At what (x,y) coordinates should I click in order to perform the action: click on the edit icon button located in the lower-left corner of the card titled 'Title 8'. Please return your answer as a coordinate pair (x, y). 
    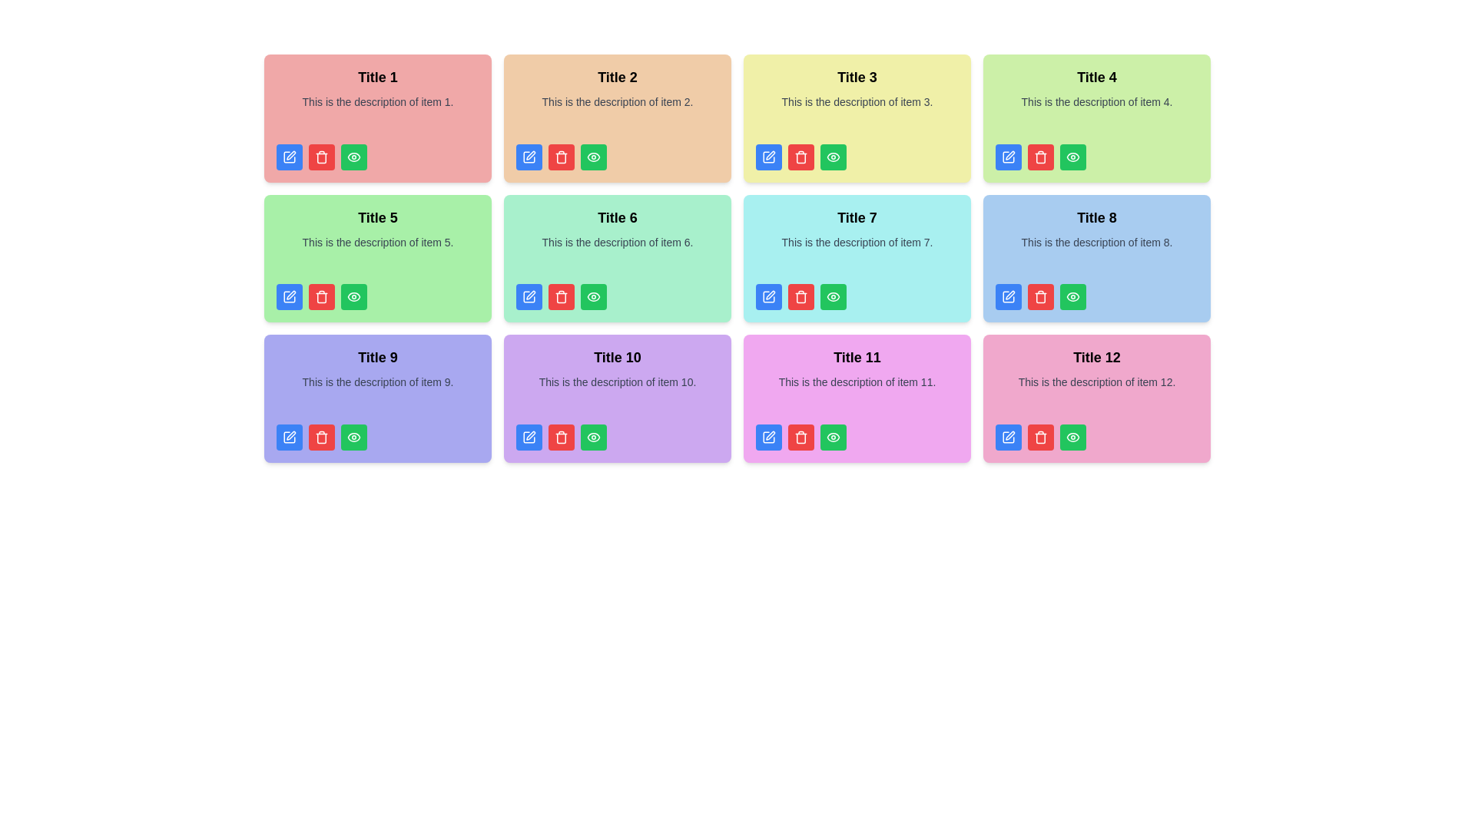
    Looking at the image, I should click on (1009, 296).